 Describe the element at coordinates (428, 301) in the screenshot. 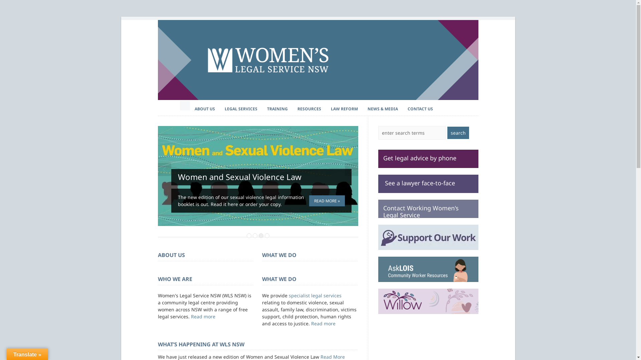

I see `'Willow - Women's legal advice on the go'` at that location.